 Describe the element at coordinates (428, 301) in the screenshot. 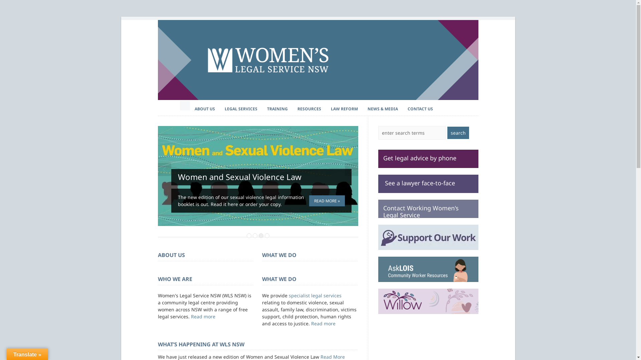

I see `'Willow - Women's legal advice on the go'` at that location.